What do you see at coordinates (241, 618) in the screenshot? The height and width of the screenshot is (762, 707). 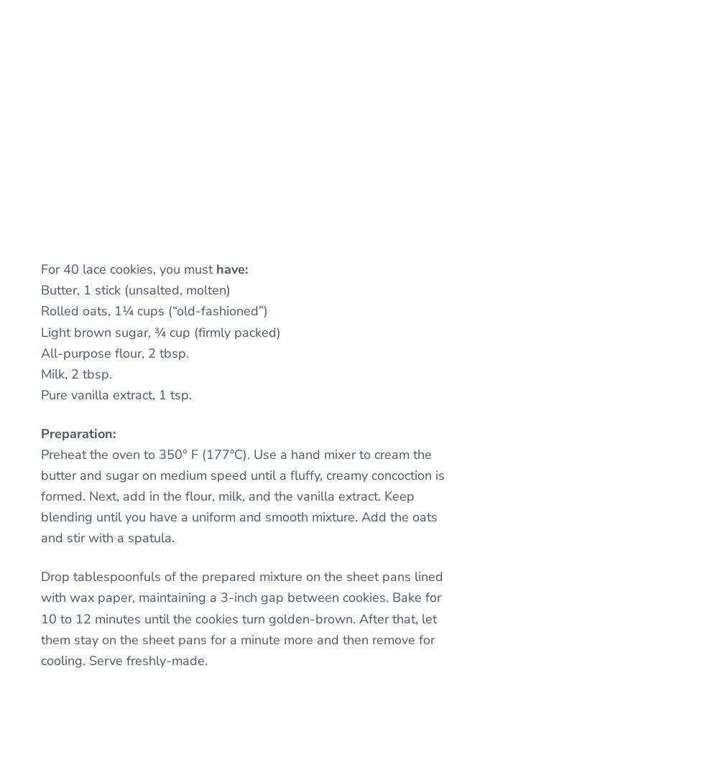 I see `'Drop tablespoonfuls of the prepared mixture on the sheet pans lined with wax paper, maintaining a 3-inch gap between cookies. Bake for 10 to 12 minutes until the cookies turn golden-brown. After that, let them stay on the sheet pans for a minute more and then remove for cooling. Serve freshly-made.'` at bounding box center [241, 618].